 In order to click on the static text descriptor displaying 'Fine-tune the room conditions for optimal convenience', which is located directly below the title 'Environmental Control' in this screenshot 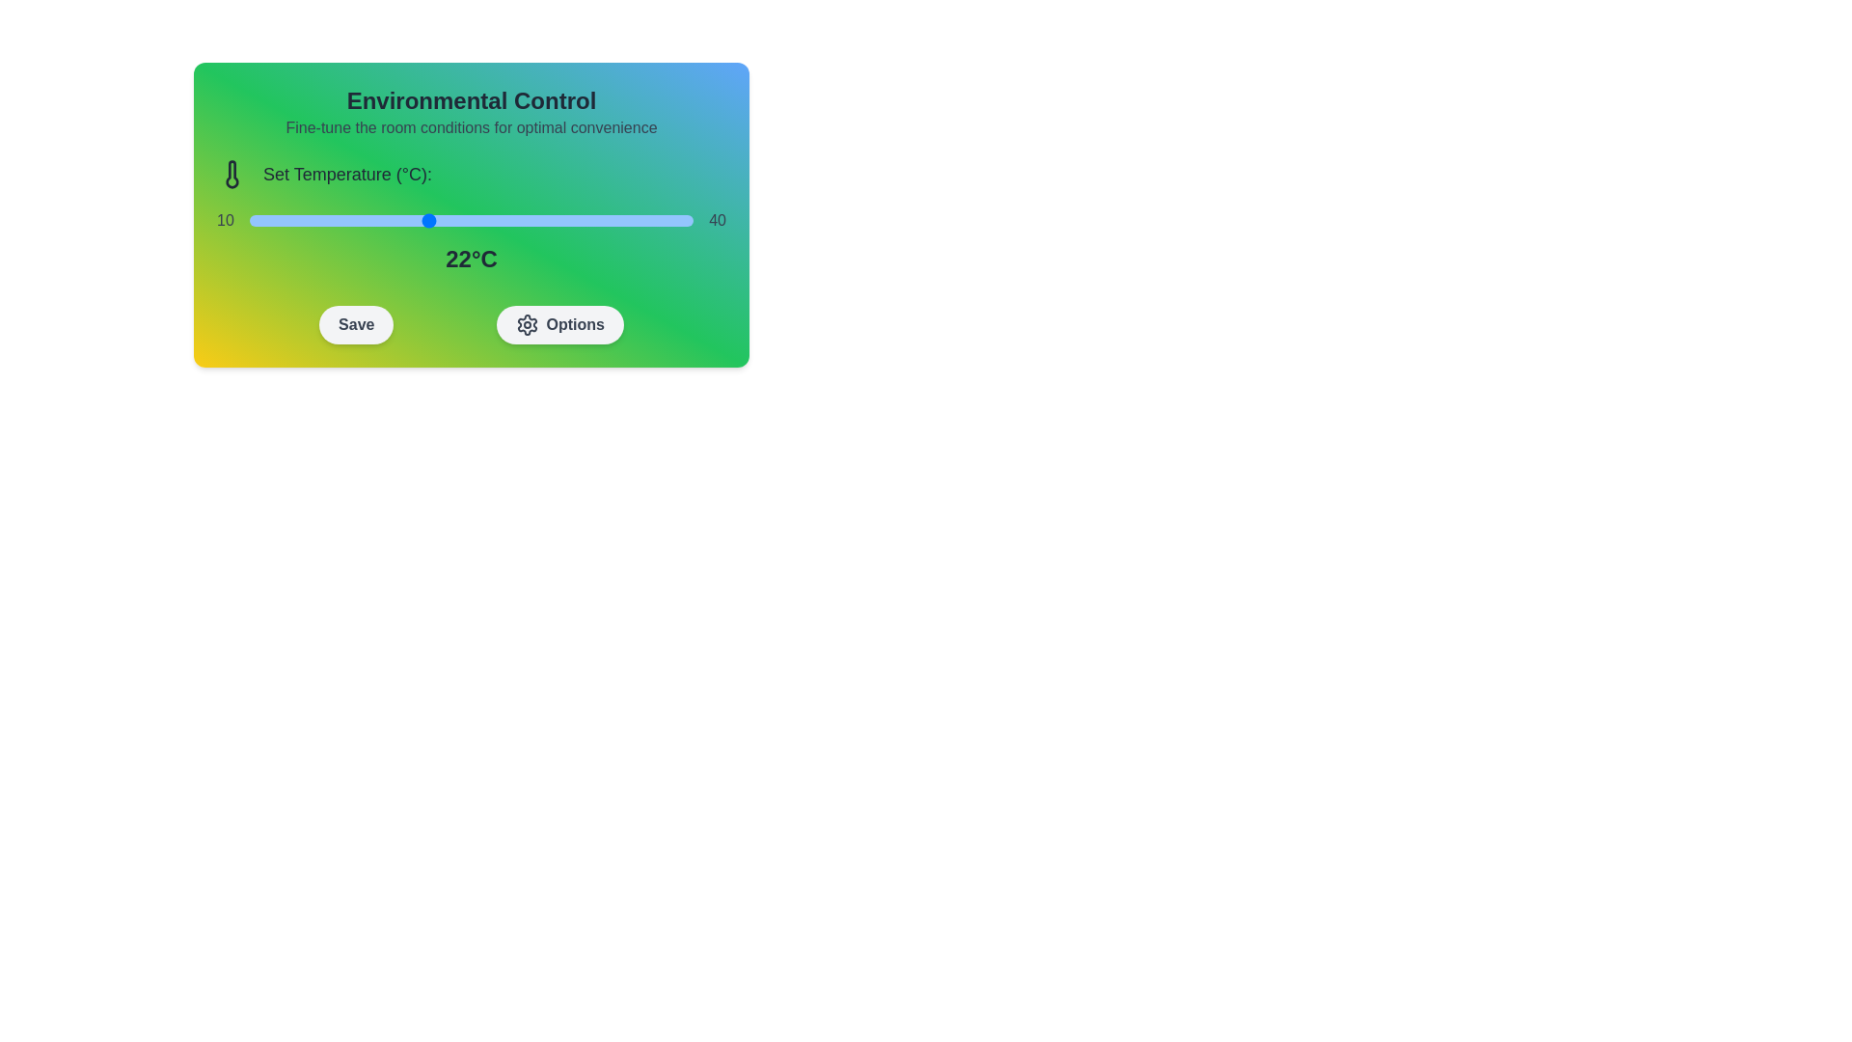, I will do `click(472, 127)`.